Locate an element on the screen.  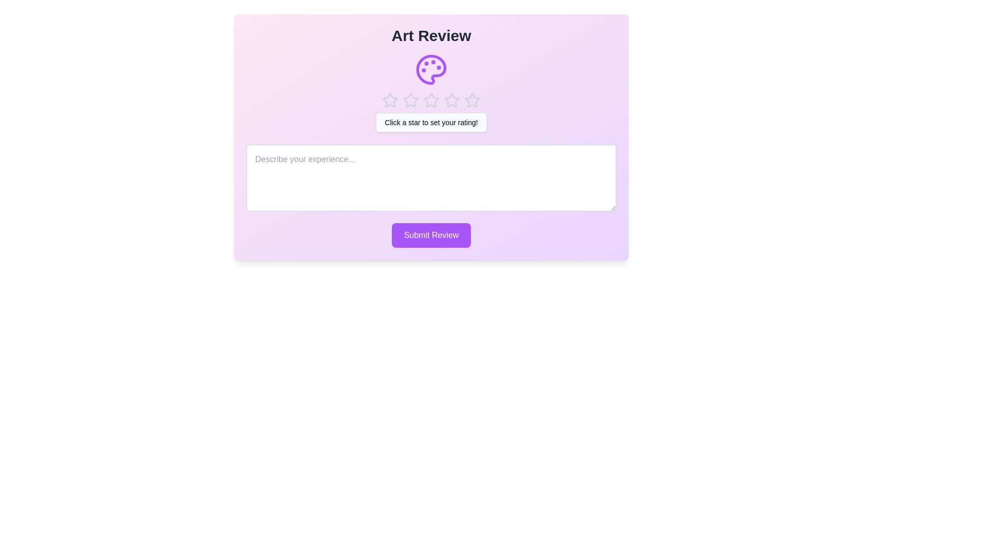
the rating to 1 stars by clicking on the corresponding star is located at coordinates (389, 101).